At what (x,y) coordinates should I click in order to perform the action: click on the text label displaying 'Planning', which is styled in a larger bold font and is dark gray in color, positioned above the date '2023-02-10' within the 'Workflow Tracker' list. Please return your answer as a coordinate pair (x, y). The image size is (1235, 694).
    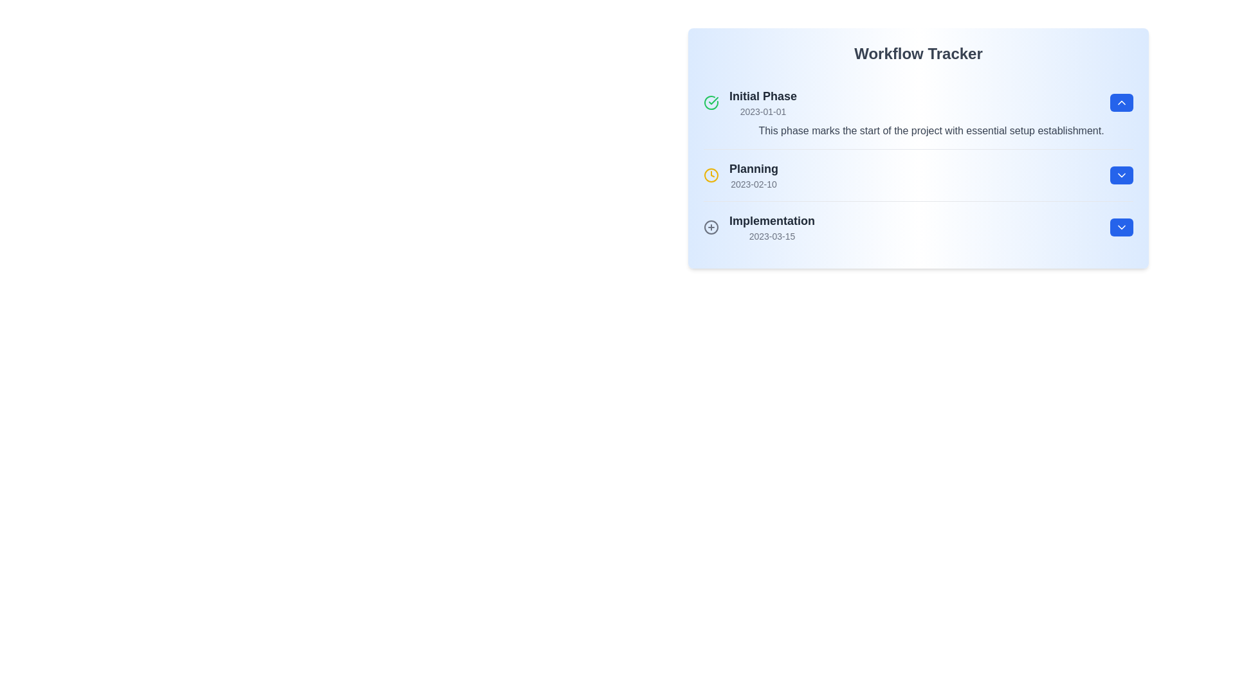
    Looking at the image, I should click on (753, 168).